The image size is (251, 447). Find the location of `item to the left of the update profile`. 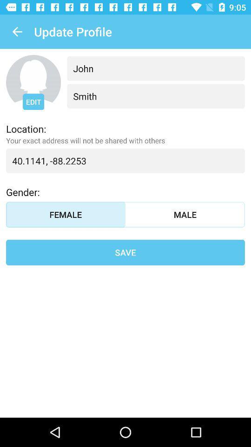

item to the left of the update profile is located at coordinates (17, 32).